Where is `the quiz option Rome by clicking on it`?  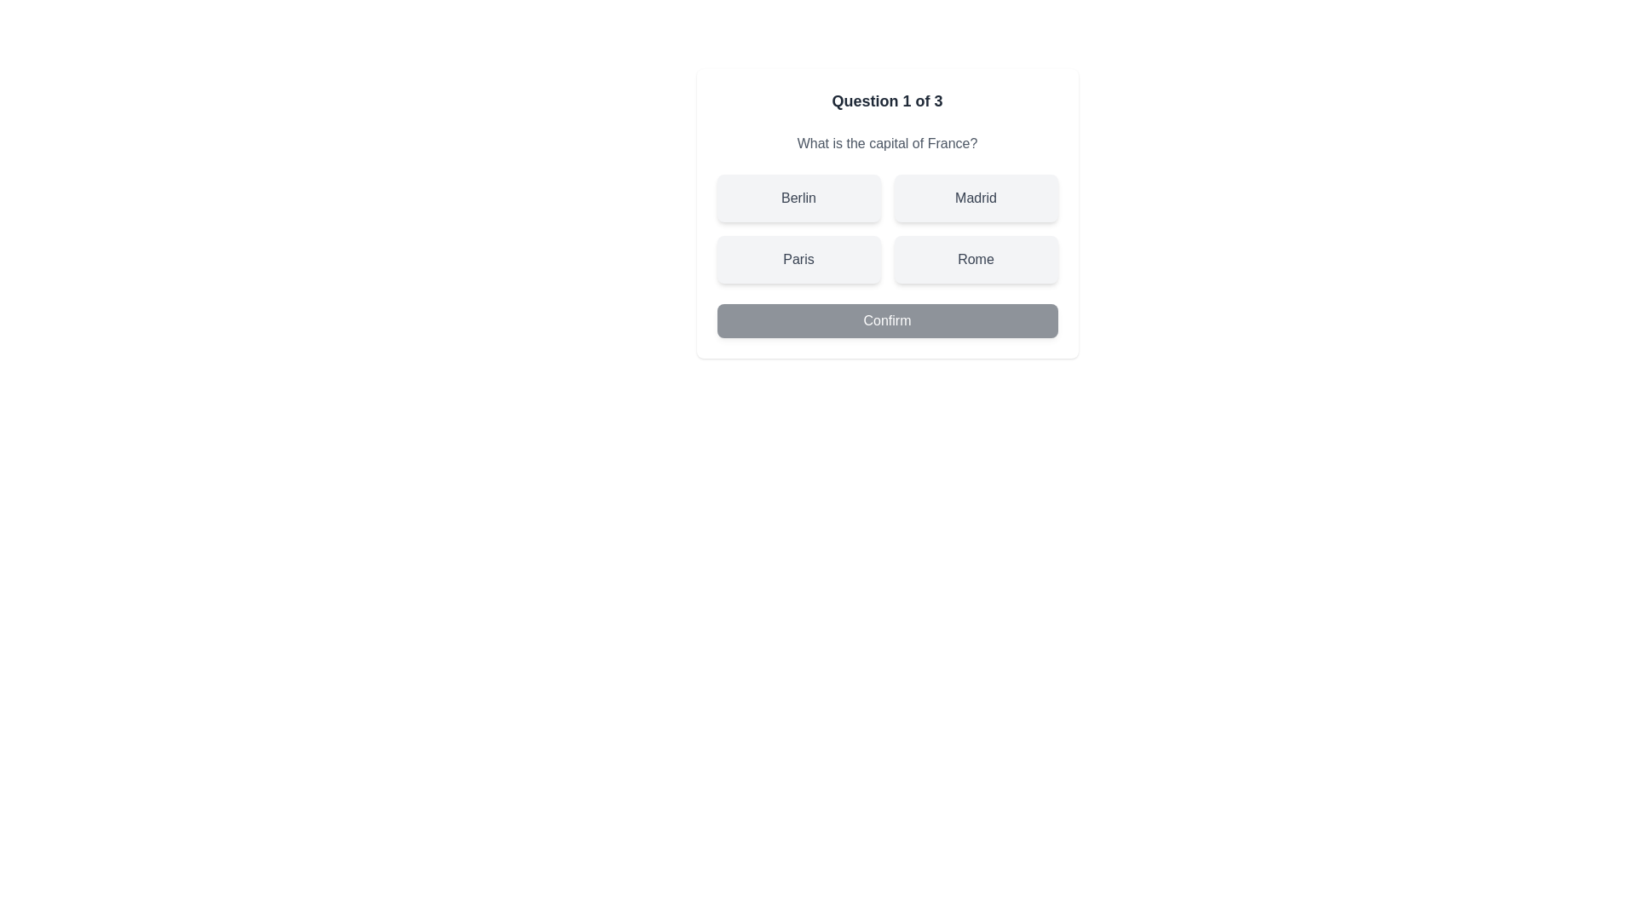 the quiz option Rome by clicking on it is located at coordinates (976, 259).